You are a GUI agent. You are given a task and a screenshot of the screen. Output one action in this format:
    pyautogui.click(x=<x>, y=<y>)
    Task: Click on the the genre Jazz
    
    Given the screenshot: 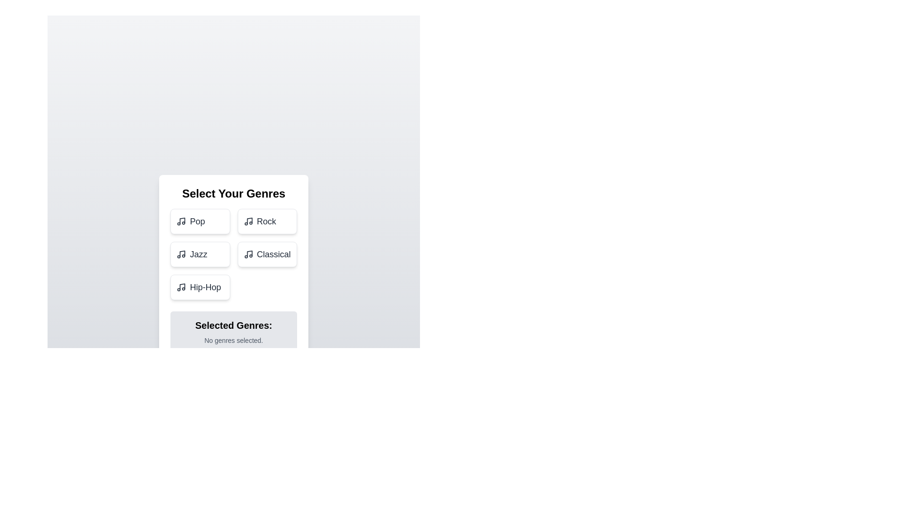 What is the action you would take?
    pyautogui.click(x=200, y=254)
    